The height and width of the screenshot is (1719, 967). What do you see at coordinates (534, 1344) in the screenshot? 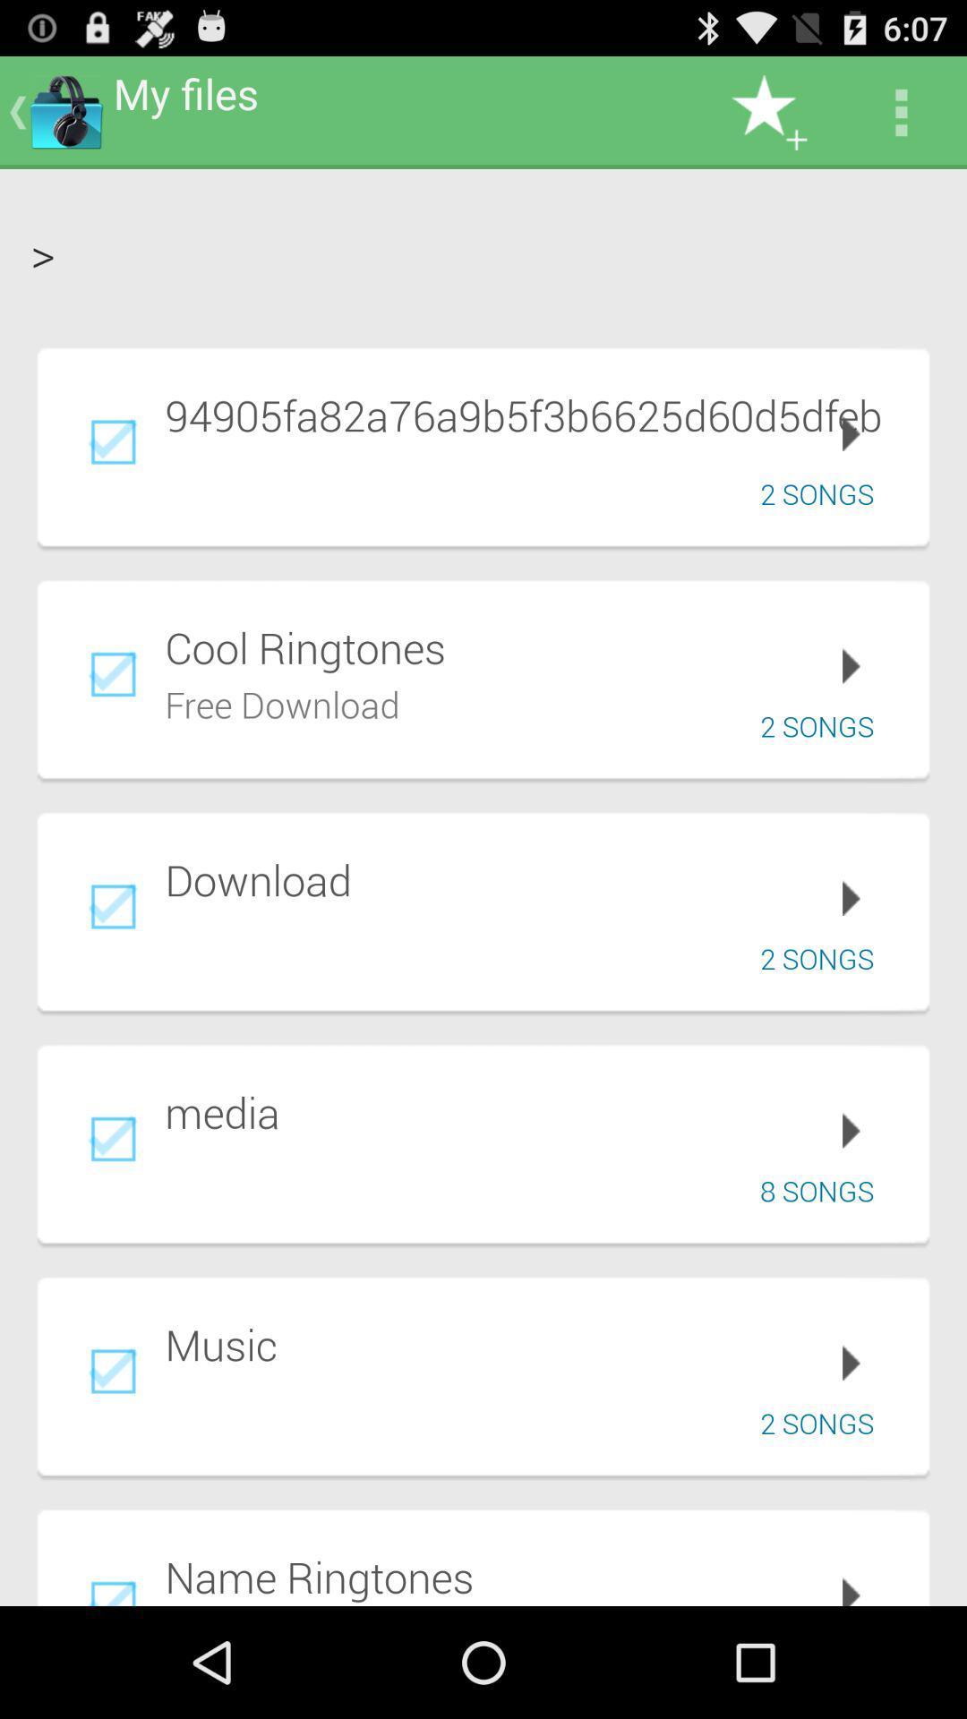
I see `the app above 2 songs app` at bounding box center [534, 1344].